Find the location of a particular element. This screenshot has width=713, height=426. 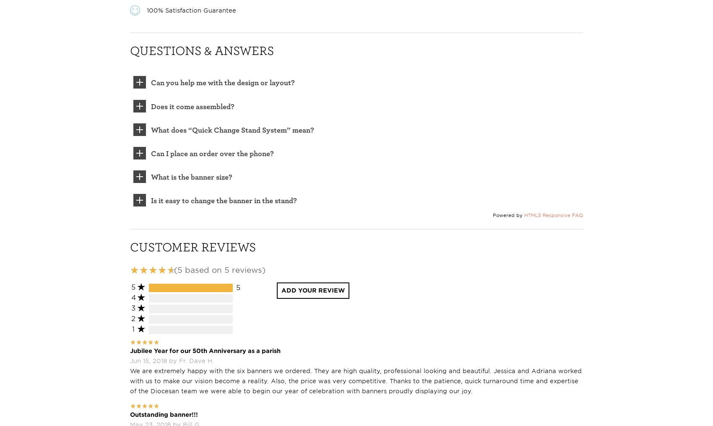

'4' is located at coordinates (133, 297).